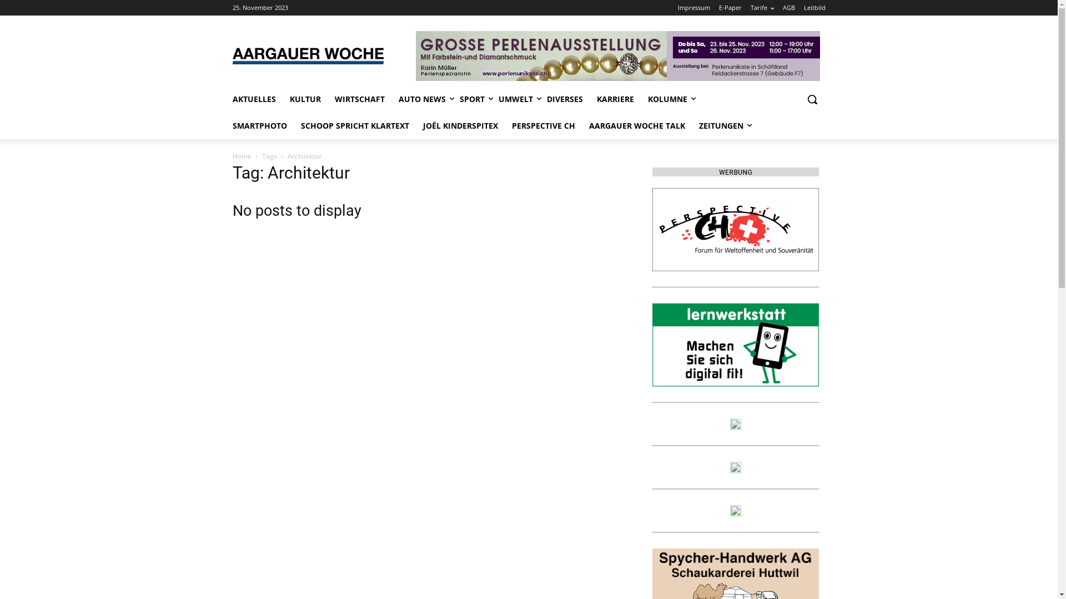 This screenshot has height=599, width=1066. I want to click on 'AUTO NEWS', so click(399, 98).